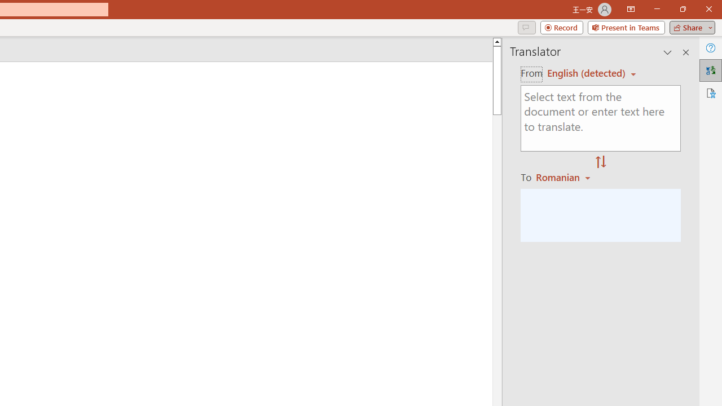 The width and height of the screenshot is (722, 406). I want to click on 'Romanian', so click(565, 176).